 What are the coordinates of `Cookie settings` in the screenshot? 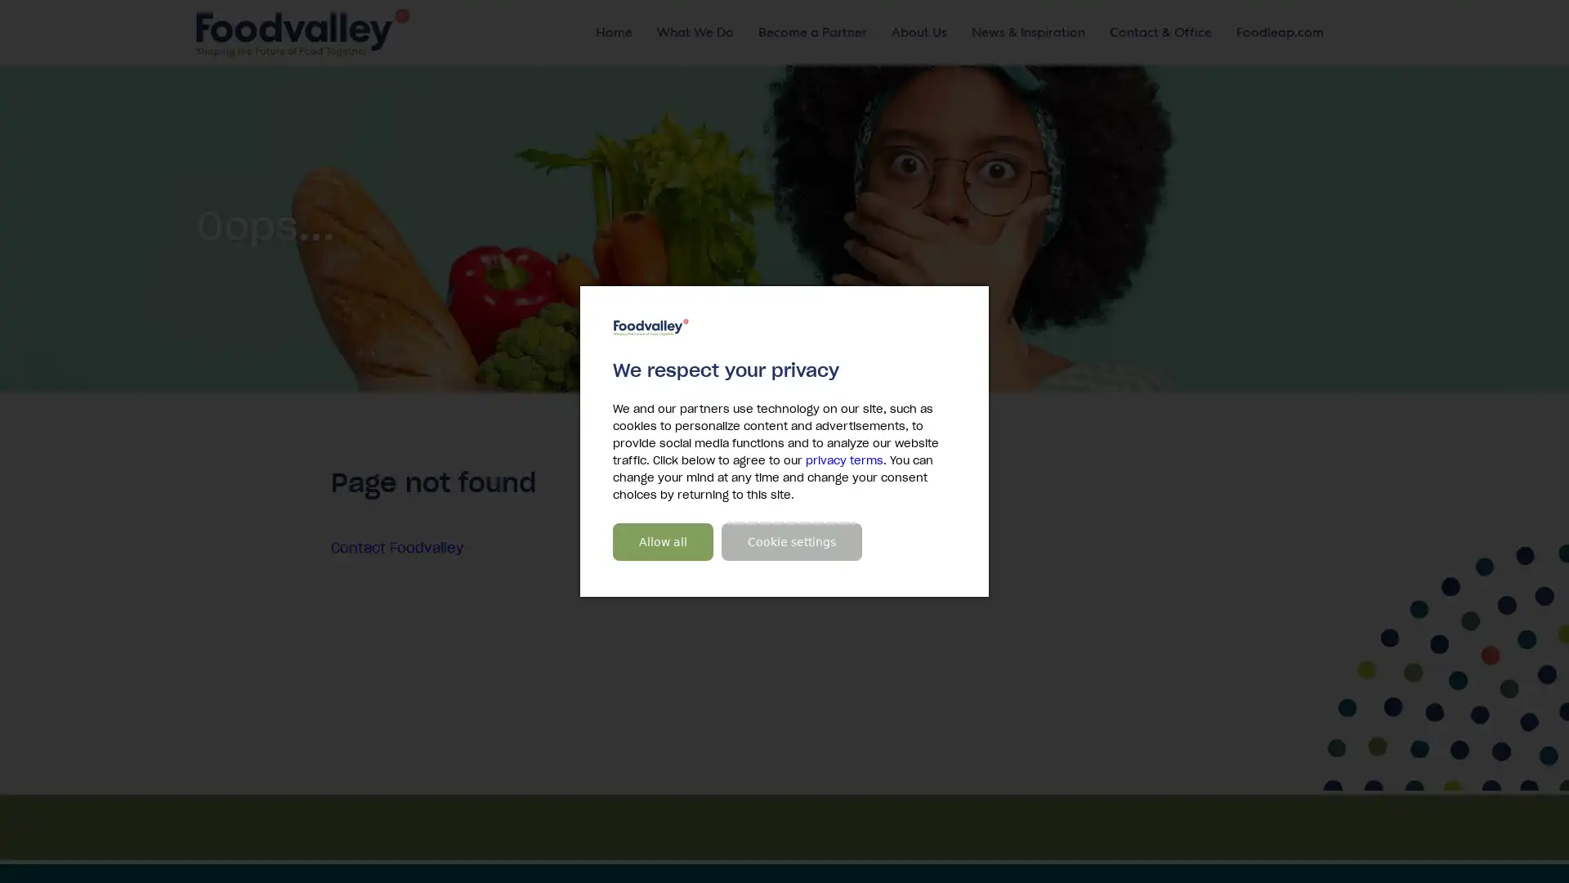 It's located at (792, 542).